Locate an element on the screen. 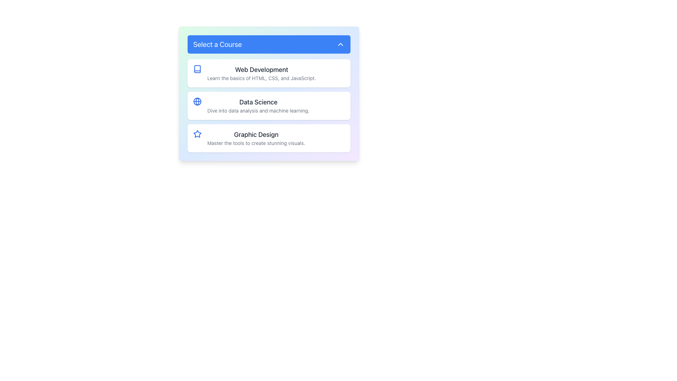 The width and height of the screenshot is (677, 381). a card within the Information Group that displays course descriptions, located beneath the header 'Select a Course' is located at coordinates (269, 106).